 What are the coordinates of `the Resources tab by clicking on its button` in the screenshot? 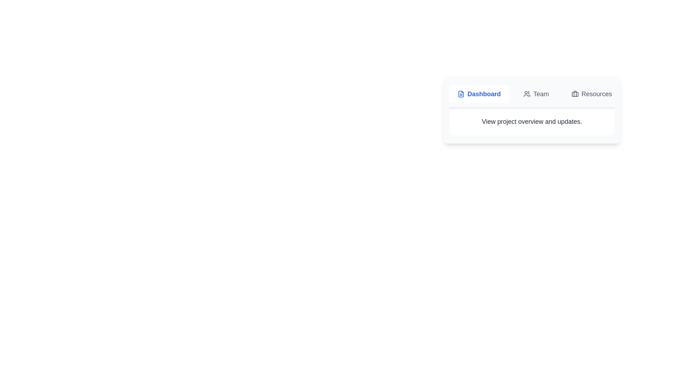 It's located at (591, 94).